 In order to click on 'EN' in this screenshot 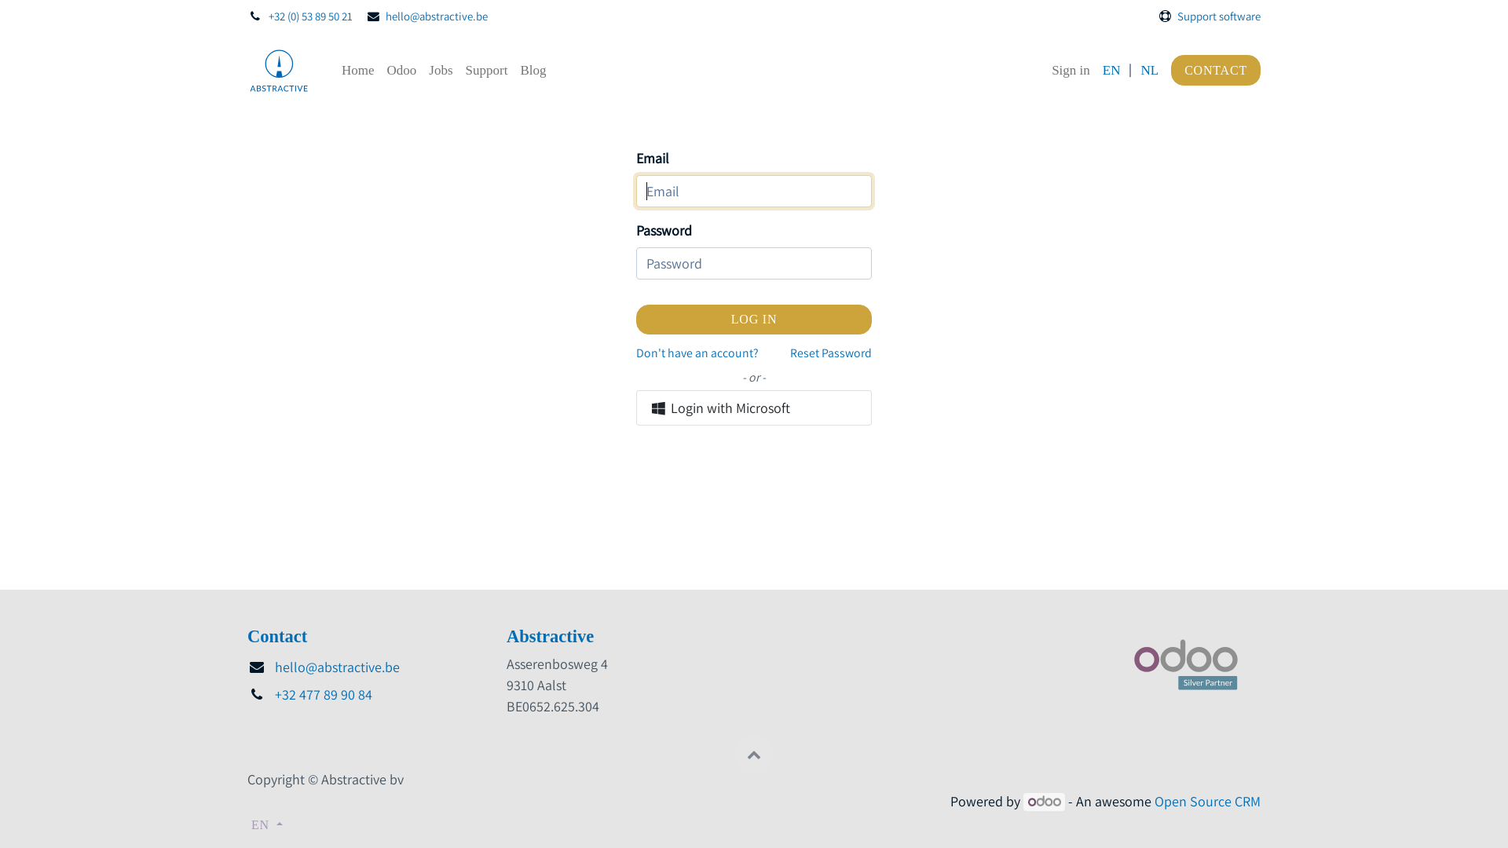, I will do `click(1111, 69)`.